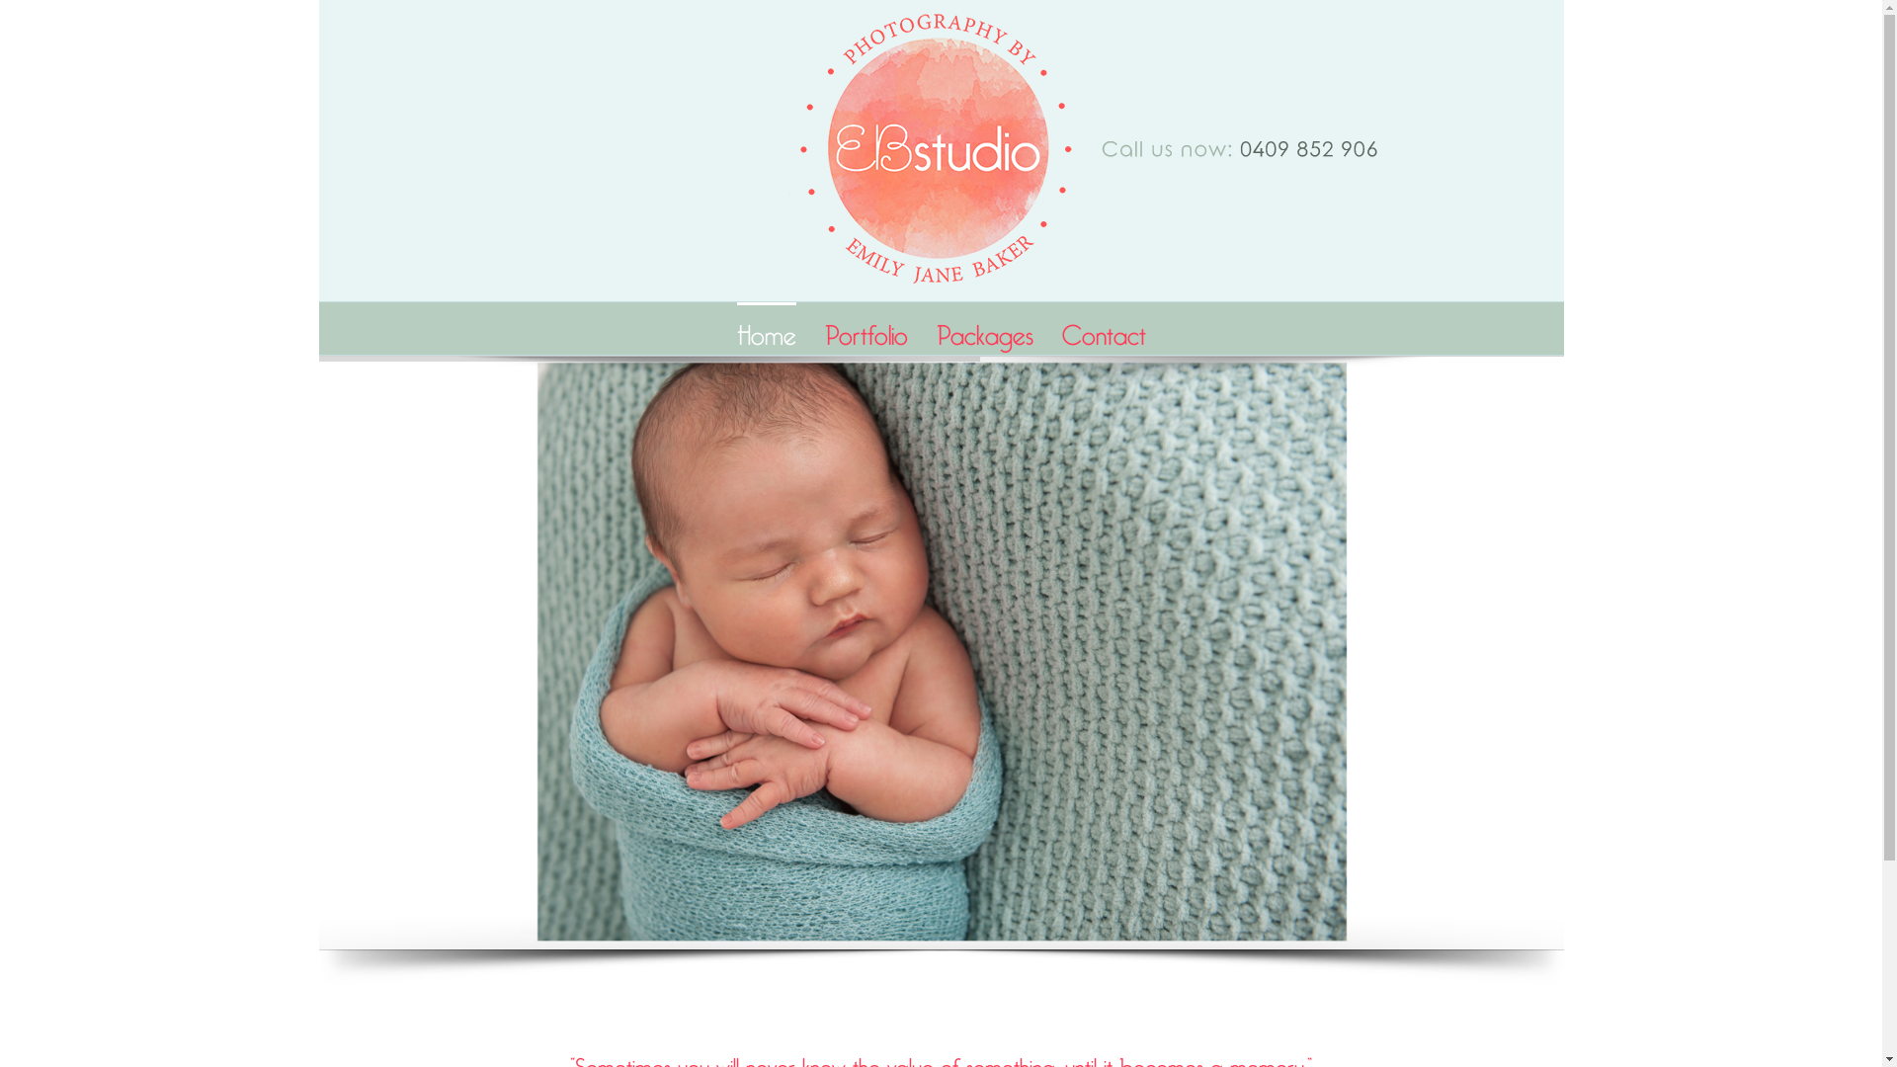 The image size is (1897, 1067). Describe the element at coordinates (1060, 327) in the screenshot. I see `'Contact'` at that location.